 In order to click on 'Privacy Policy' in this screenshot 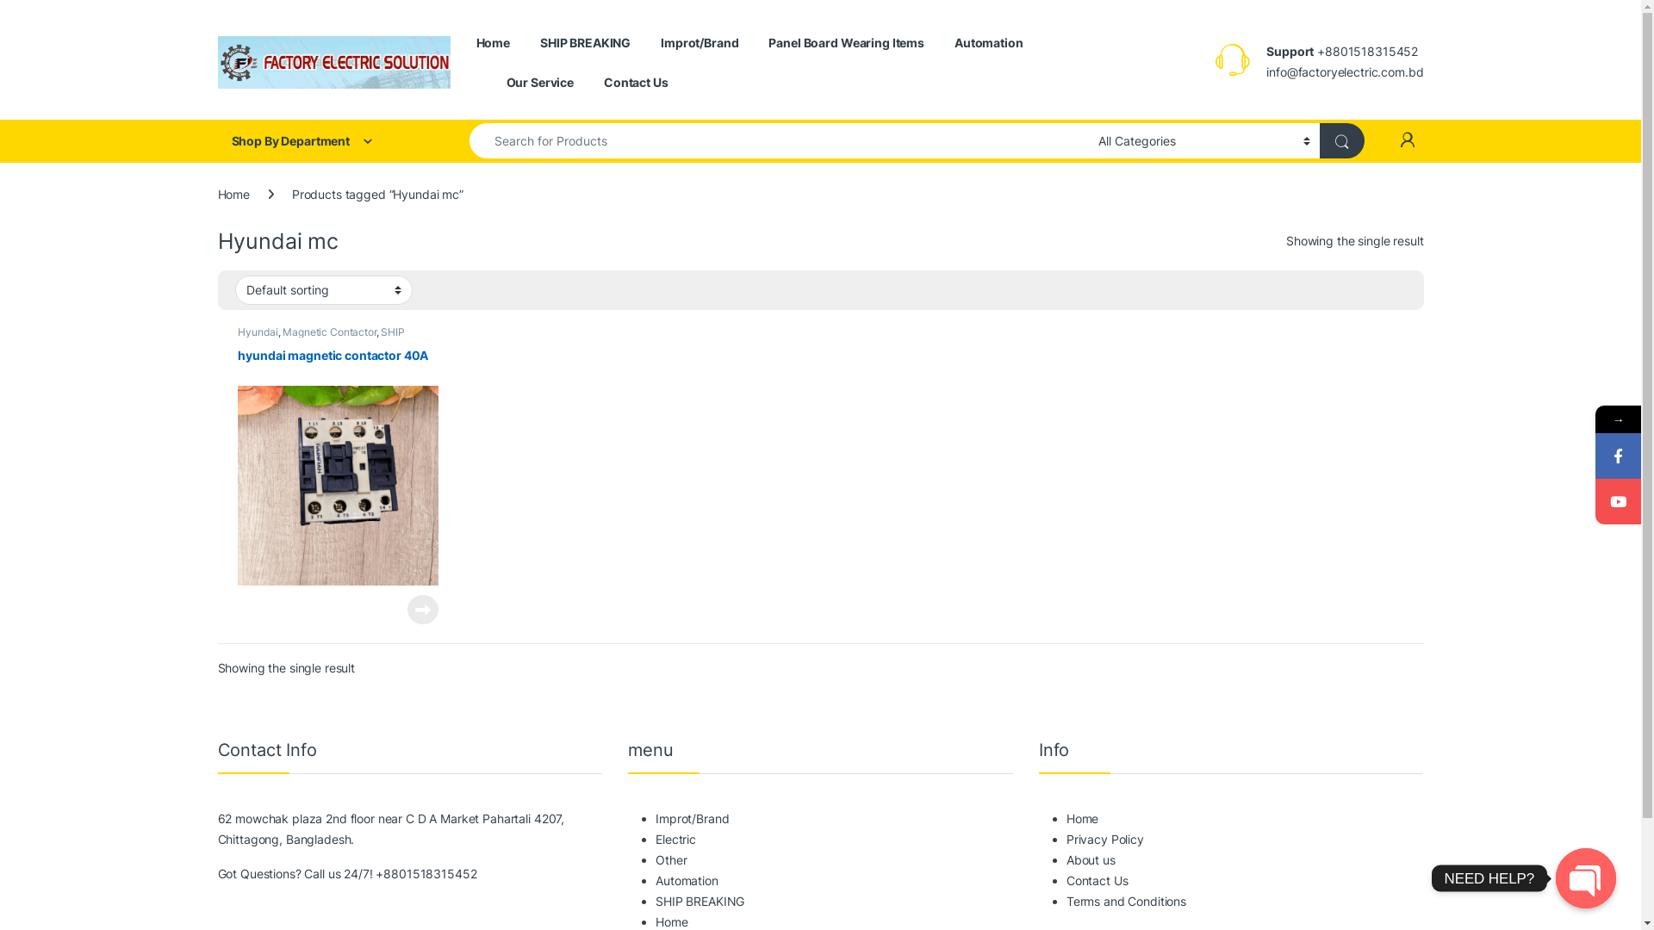, I will do `click(1104, 838)`.